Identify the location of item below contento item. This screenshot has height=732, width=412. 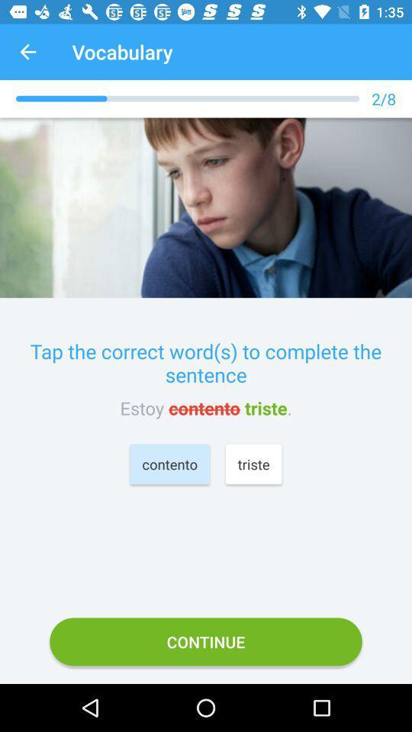
(206, 640).